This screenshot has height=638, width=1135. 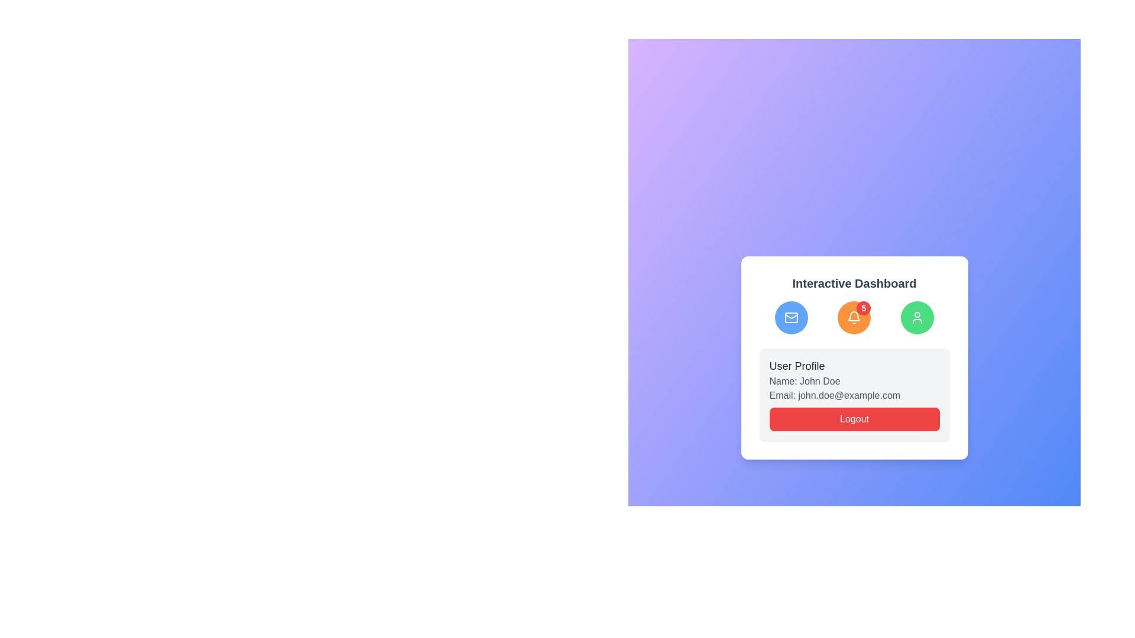 I want to click on the non-interactive badge displaying the count of unread notifications located at the top-right corner of the orange circular section of the notification bell button, so click(x=864, y=307).